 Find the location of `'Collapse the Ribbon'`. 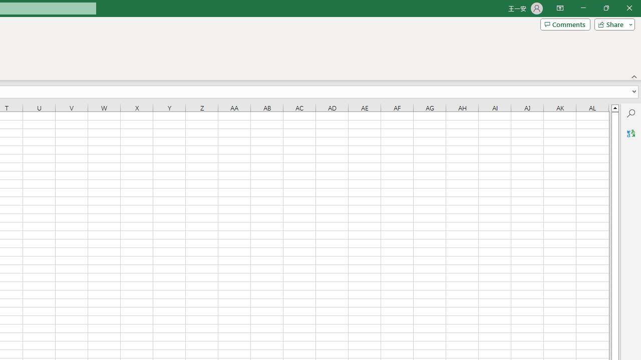

'Collapse the Ribbon' is located at coordinates (634, 76).